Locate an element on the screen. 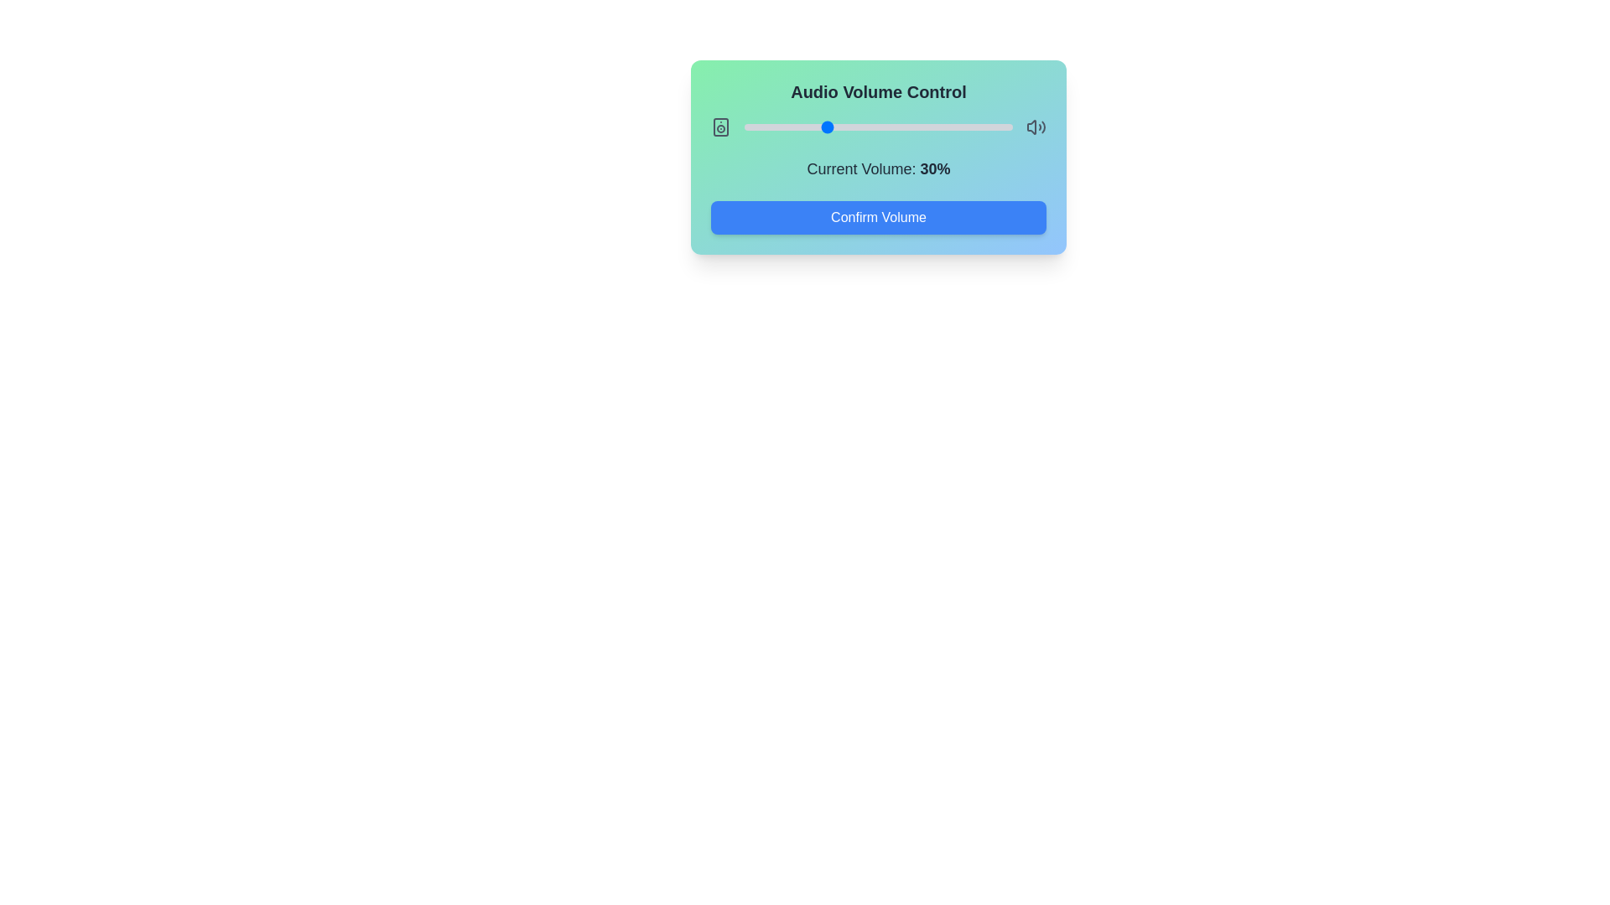  the 'Confirm Volume' button is located at coordinates (877, 216).